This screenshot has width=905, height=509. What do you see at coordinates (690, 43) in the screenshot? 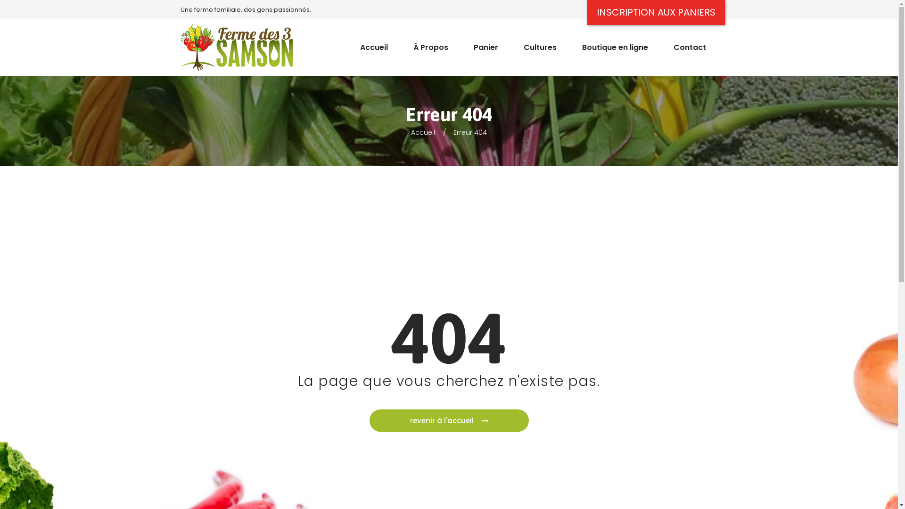
I see `'Contact'` at bounding box center [690, 43].